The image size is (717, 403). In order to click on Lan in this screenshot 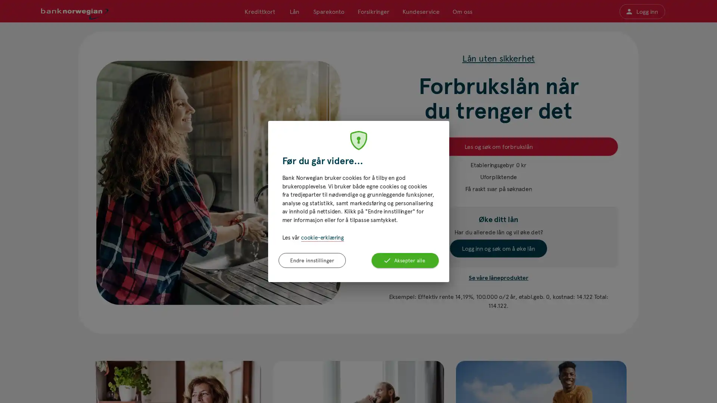, I will do `click(294, 11)`.